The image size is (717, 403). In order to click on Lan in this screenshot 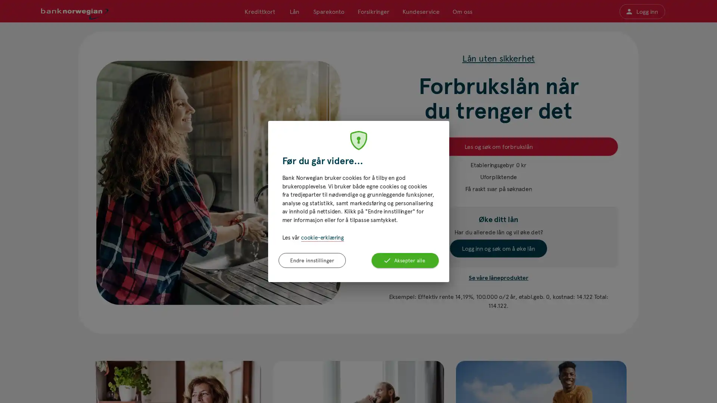, I will do `click(294, 11)`.